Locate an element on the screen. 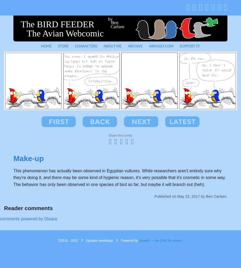  '.' is located at coordinates (227, 196).